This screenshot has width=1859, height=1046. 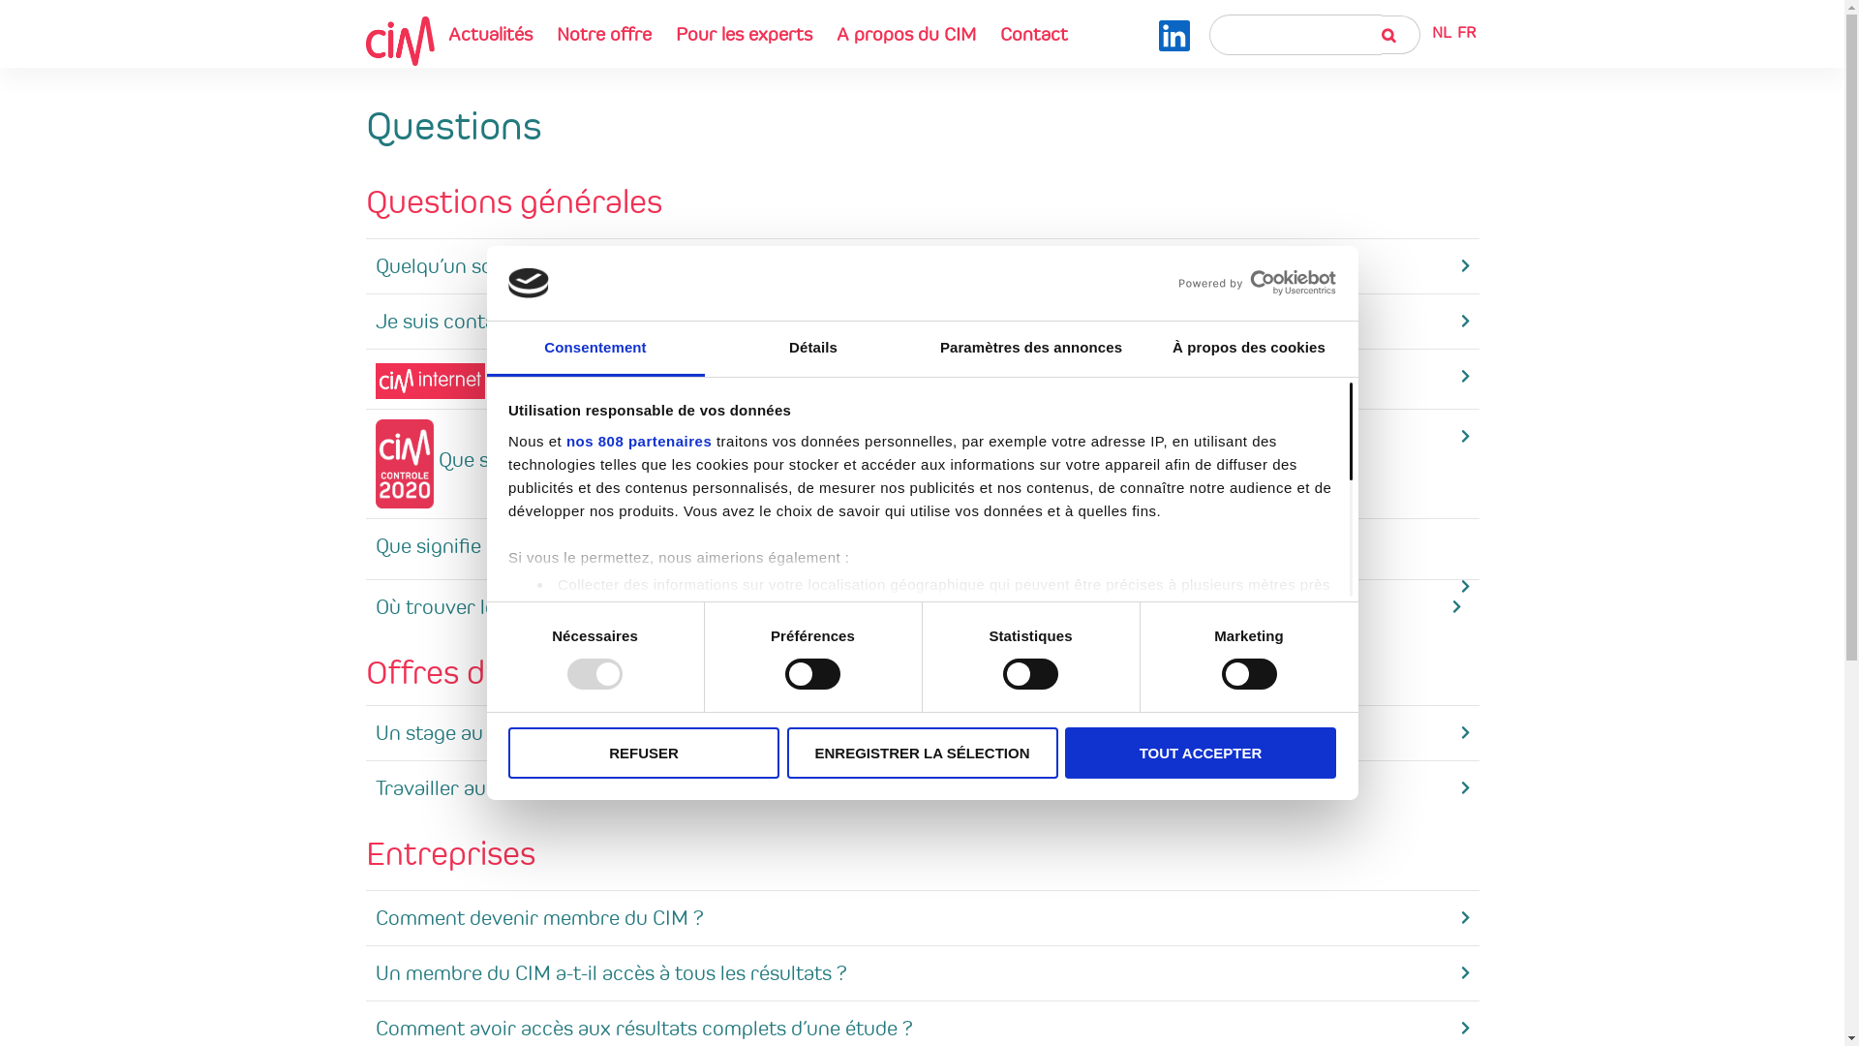 I want to click on 'Contact', so click(x=1032, y=33).